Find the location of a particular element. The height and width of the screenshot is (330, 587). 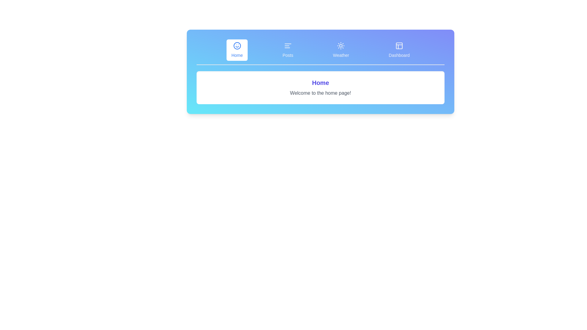

the tab labeled Weather to observe the effect is located at coordinates (341, 50).